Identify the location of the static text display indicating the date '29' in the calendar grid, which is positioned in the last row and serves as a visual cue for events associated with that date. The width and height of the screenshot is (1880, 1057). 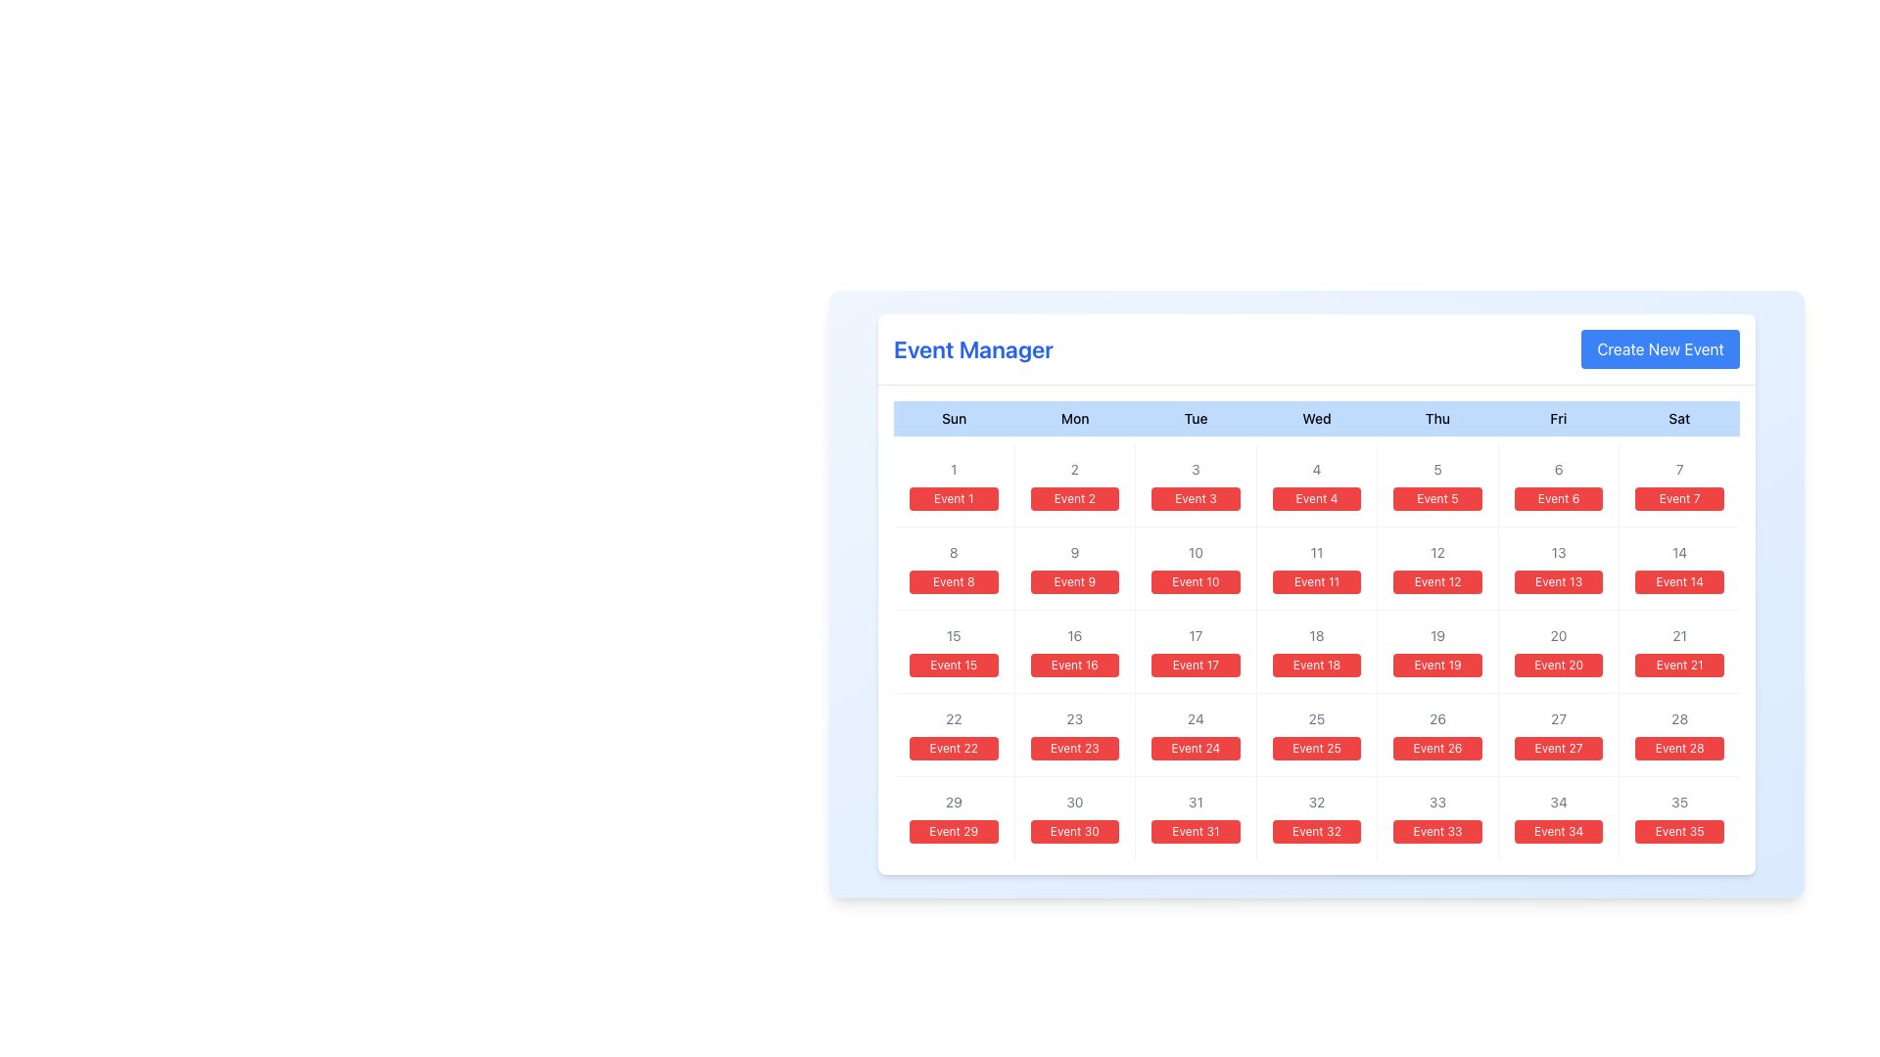
(954, 803).